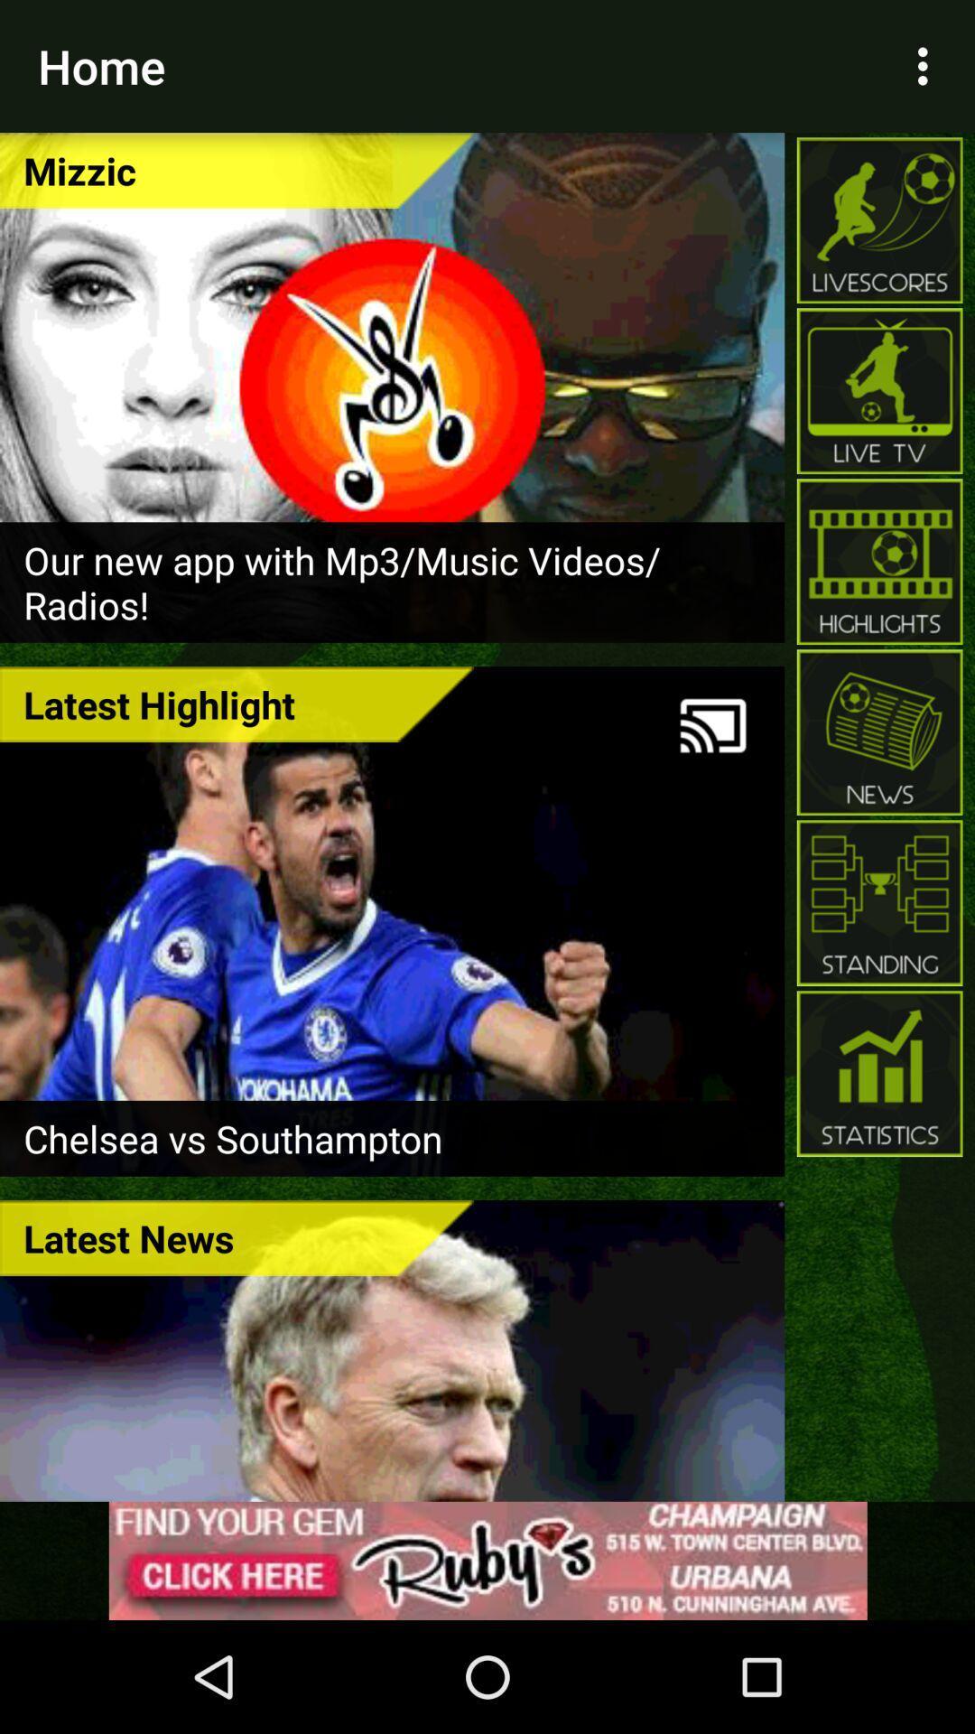 This screenshot has width=975, height=1734. Describe the element at coordinates (236, 1237) in the screenshot. I see `icon at the bottom left corner` at that location.